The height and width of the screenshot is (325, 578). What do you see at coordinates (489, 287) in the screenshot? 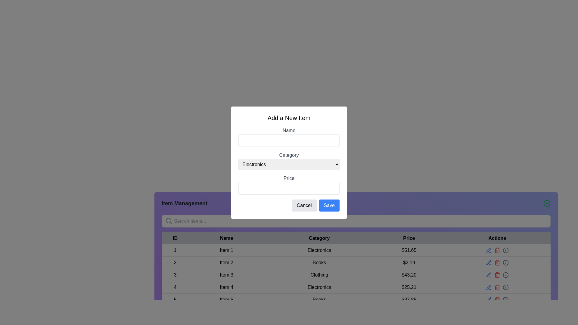
I see `the pen-shaped icon in the 'Actions' row at the far-right` at bounding box center [489, 287].